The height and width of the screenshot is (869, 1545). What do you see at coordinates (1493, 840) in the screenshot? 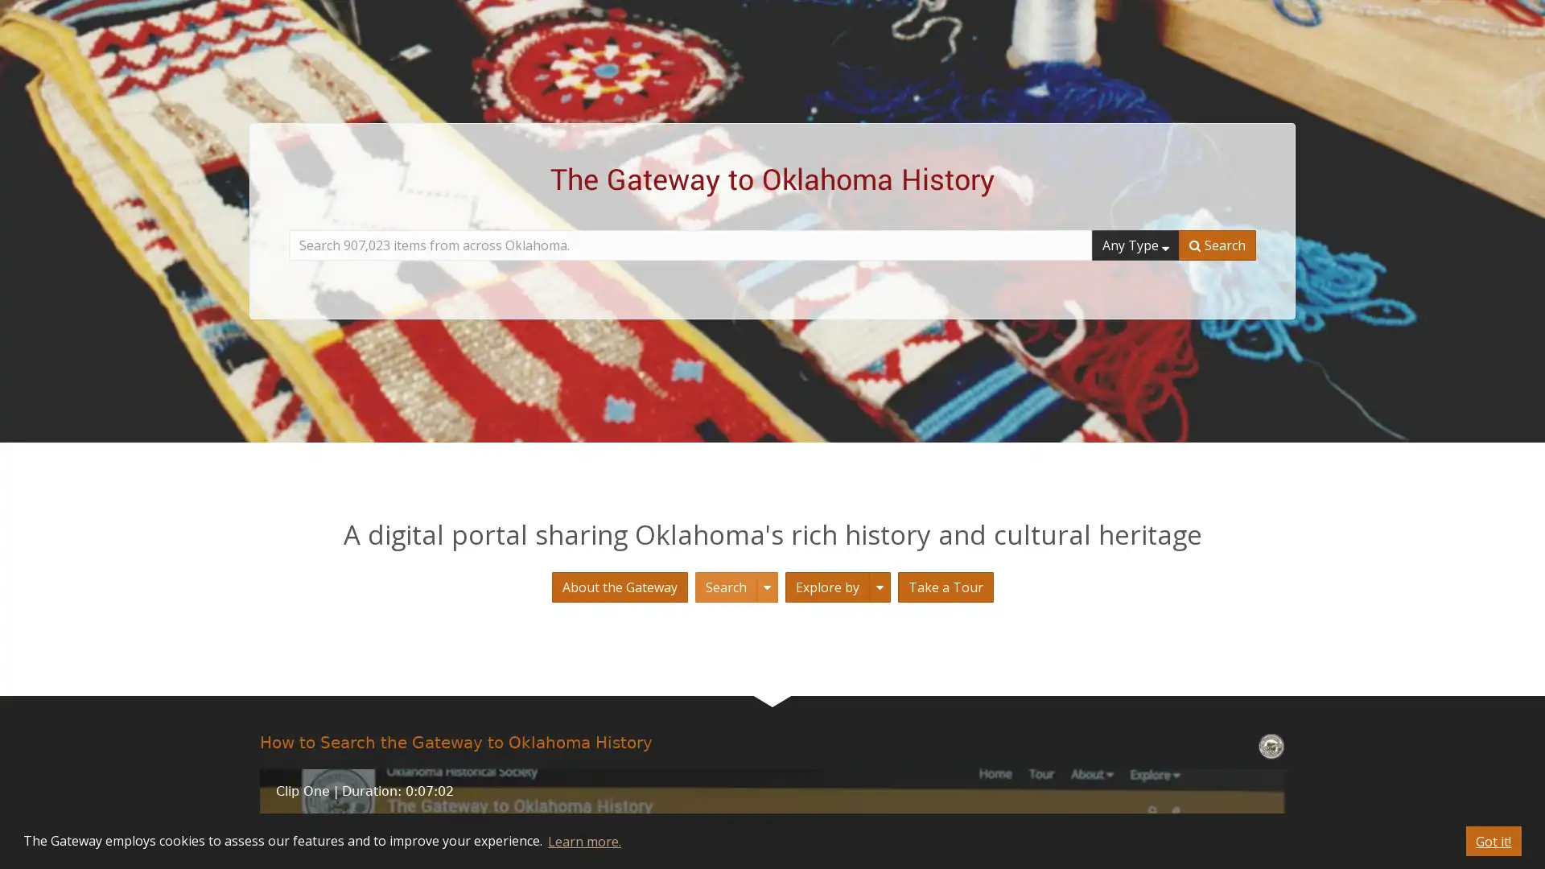
I see `dismiss cookie message` at bounding box center [1493, 840].